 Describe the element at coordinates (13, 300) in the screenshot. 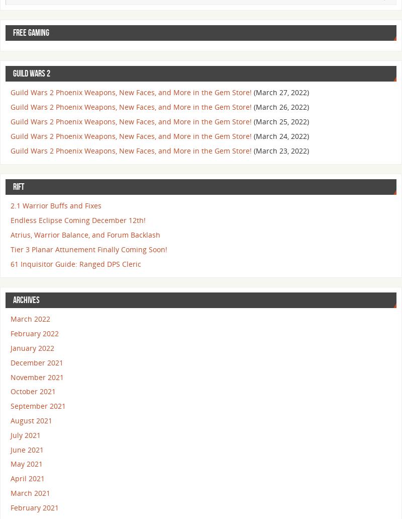

I see `'Archives'` at that location.